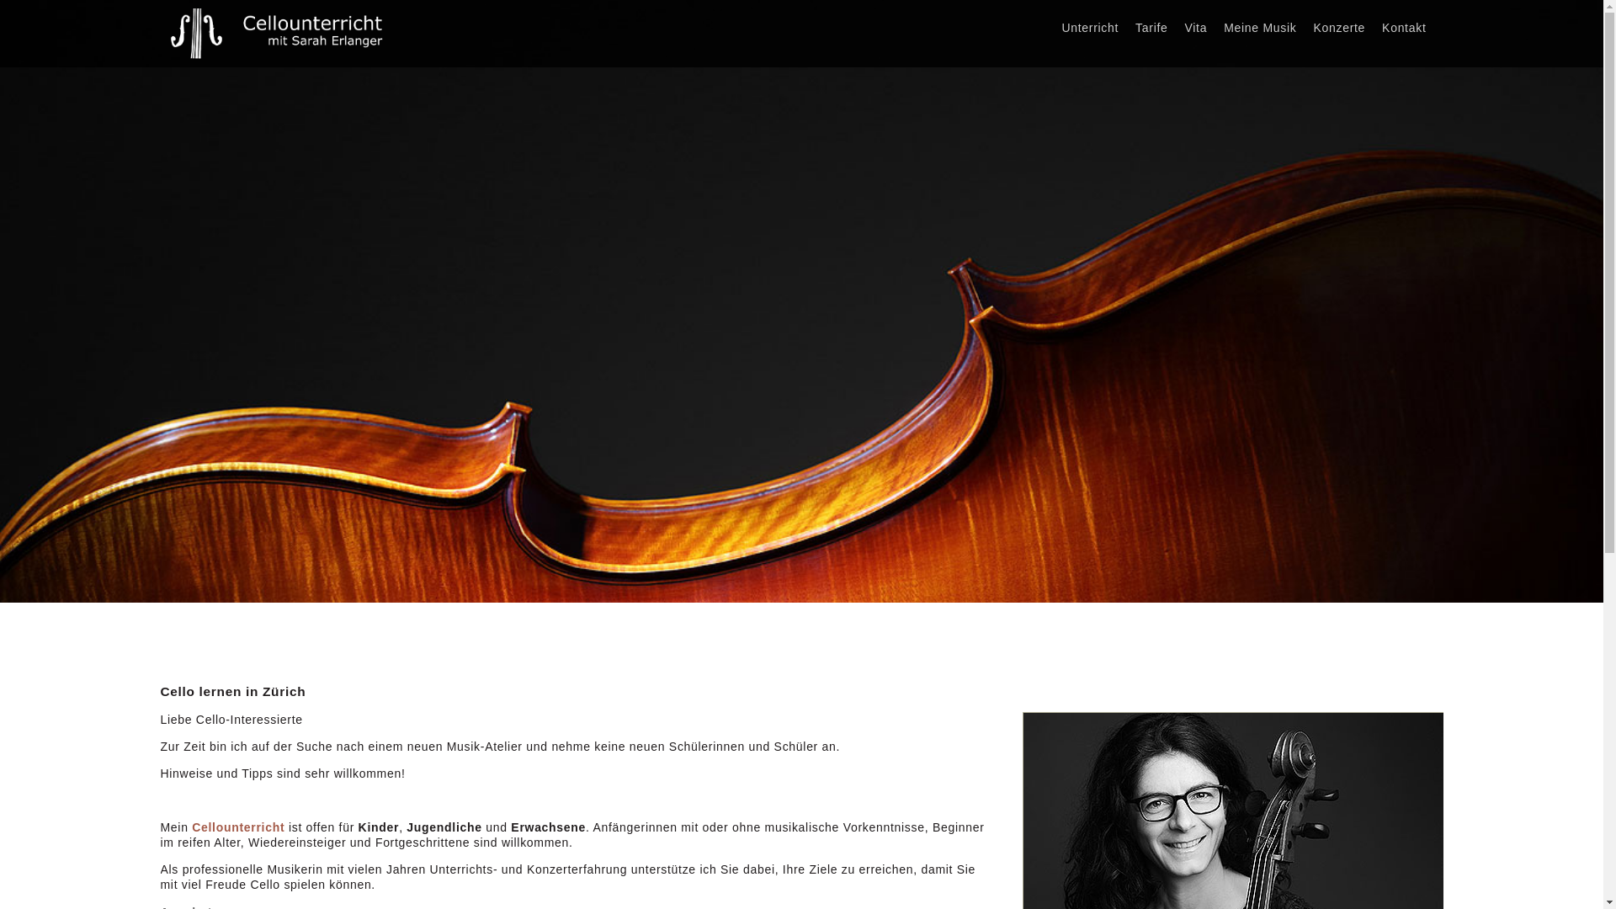 The image size is (1616, 909). I want to click on 'Vita', so click(1195, 28).